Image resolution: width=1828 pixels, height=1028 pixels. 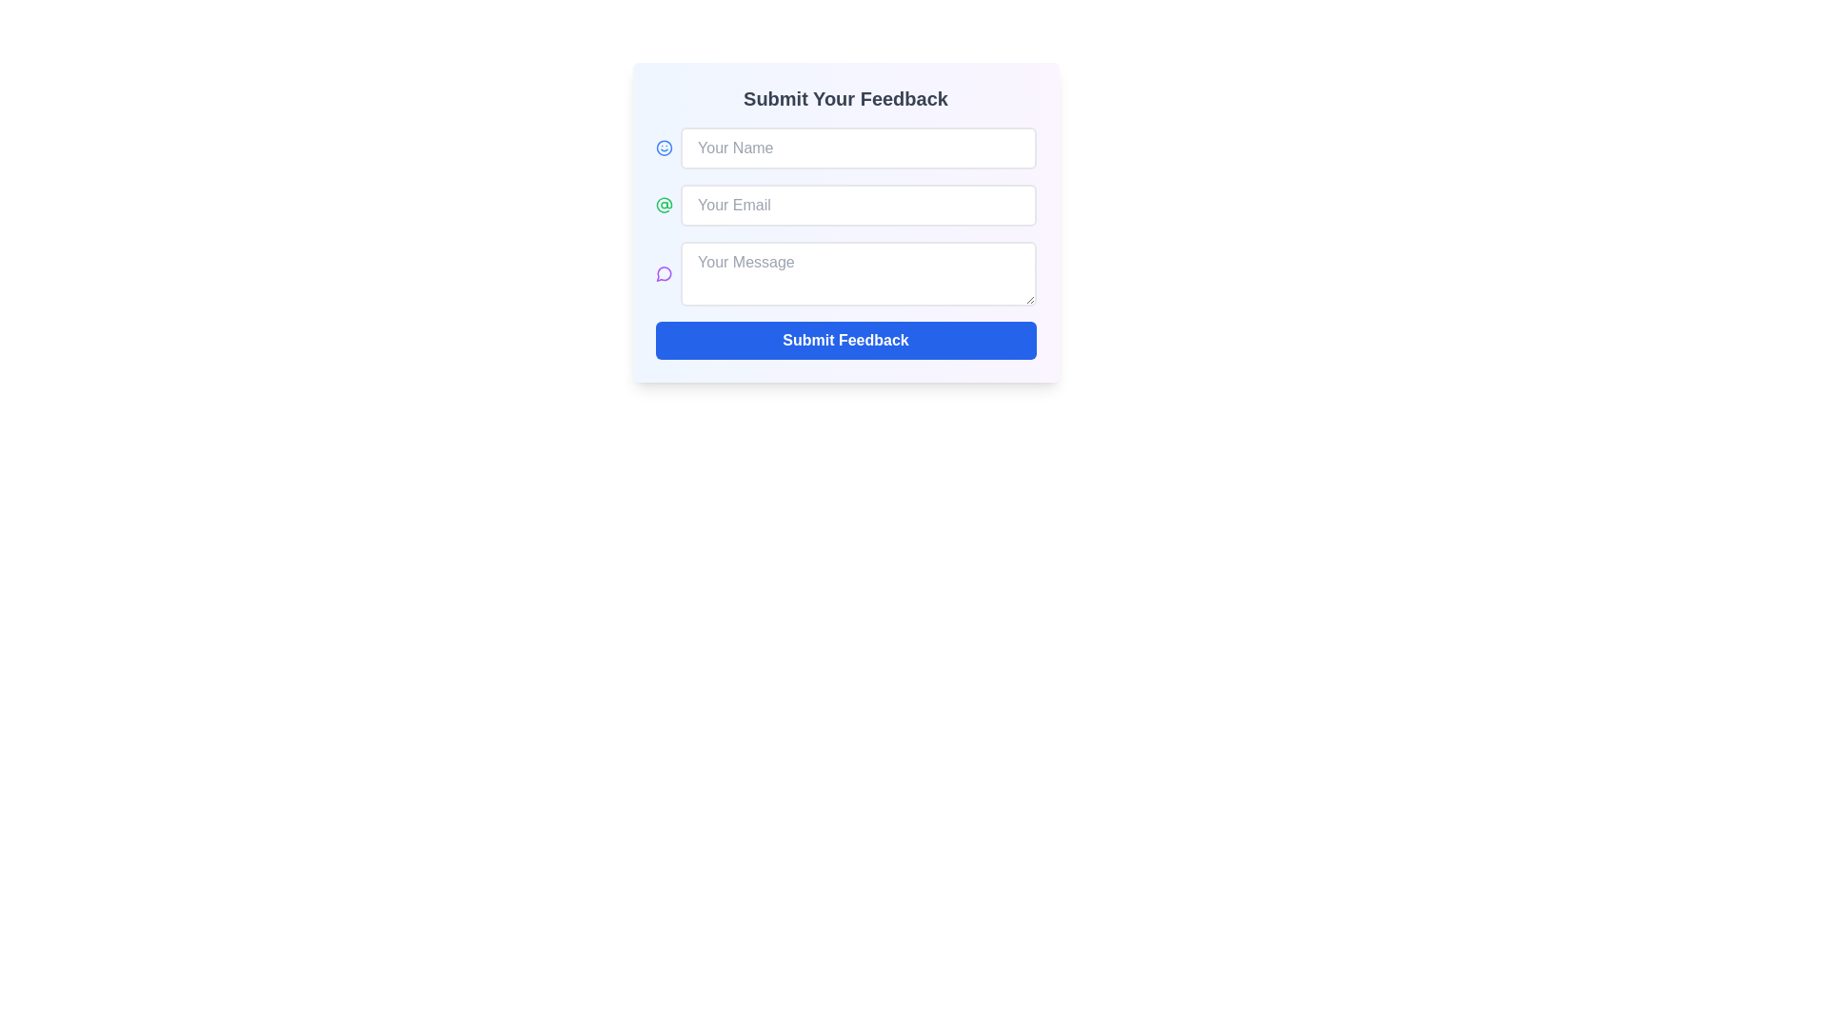 I want to click on the green outlined '@' sign icon located in the feedback form under 'Submit Your Feedback', positioned to the left of the 'Your Email' input field, so click(x=664, y=206).